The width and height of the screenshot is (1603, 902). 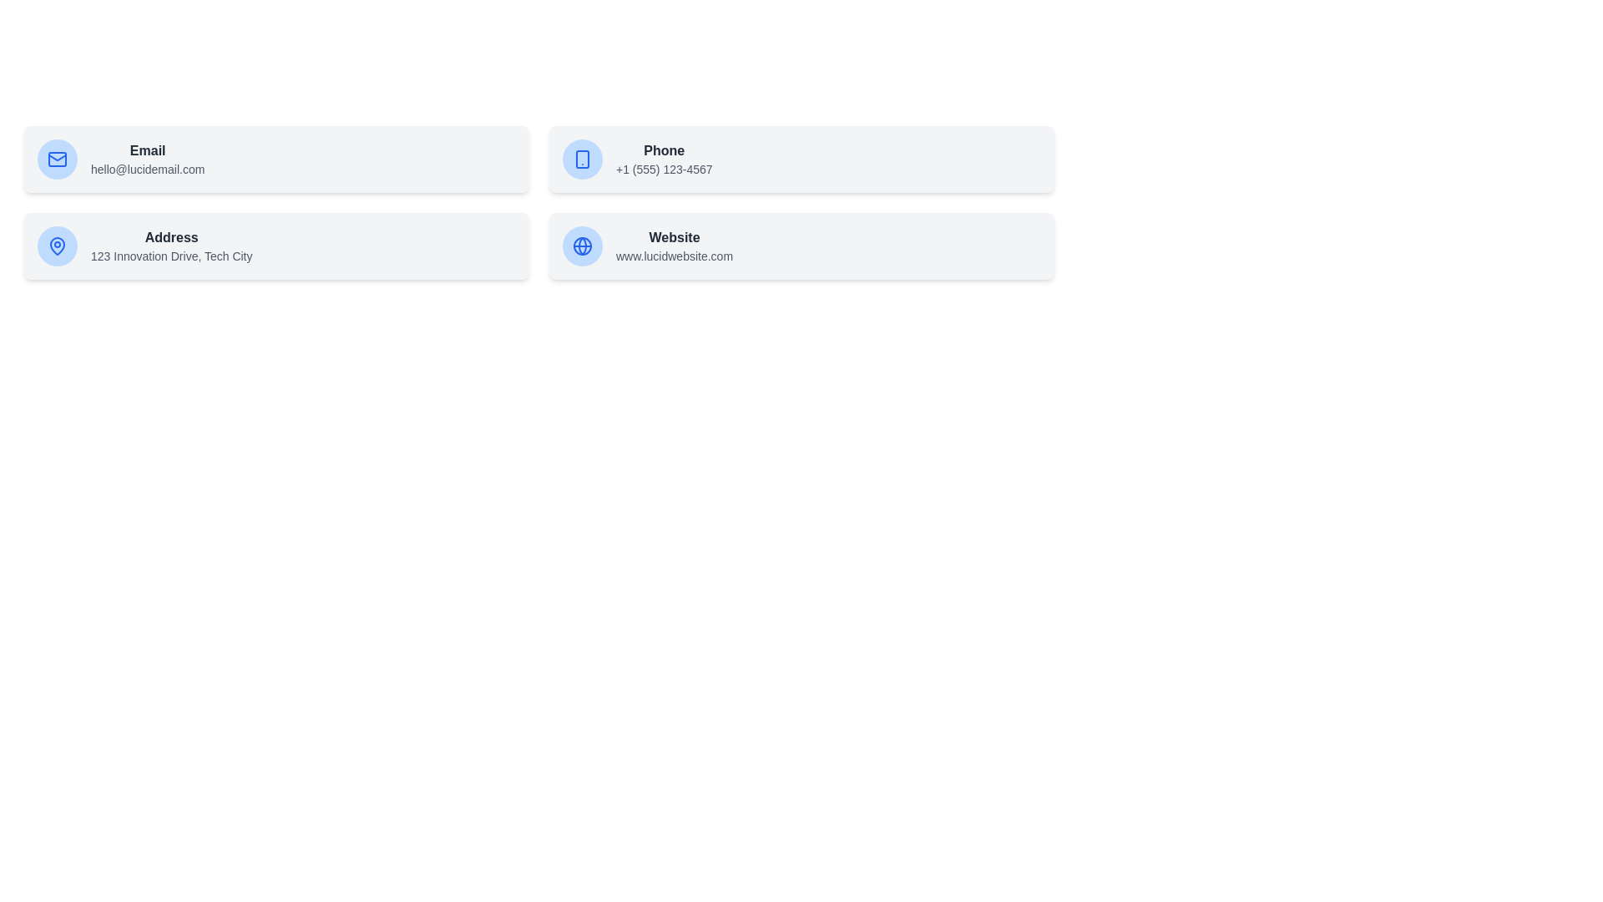 What do you see at coordinates (57, 246) in the screenshot?
I see `the address icon located in the top-left corner of the third card from the left, which is part of the 'Address' card below the 'Email' card` at bounding box center [57, 246].